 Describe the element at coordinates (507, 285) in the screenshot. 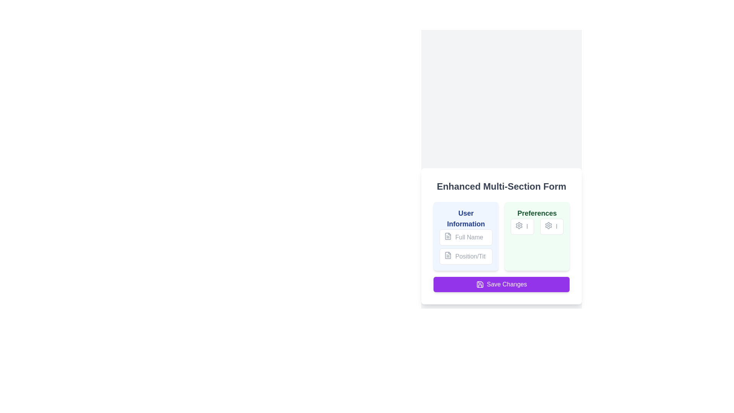

I see `the text indicating the save action within the button located at the lower-central part of the interface, specifically to the right of the save icon` at that location.